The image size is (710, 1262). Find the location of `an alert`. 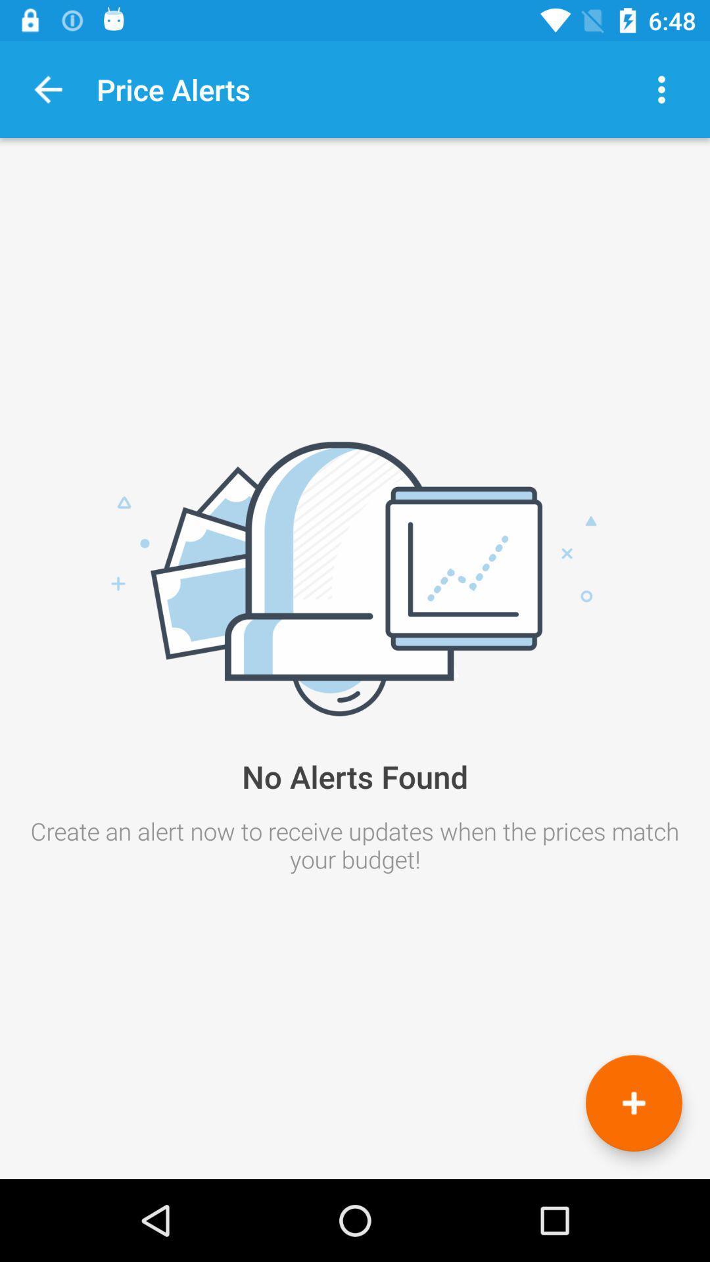

an alert is located at coordinates (633, 1103).